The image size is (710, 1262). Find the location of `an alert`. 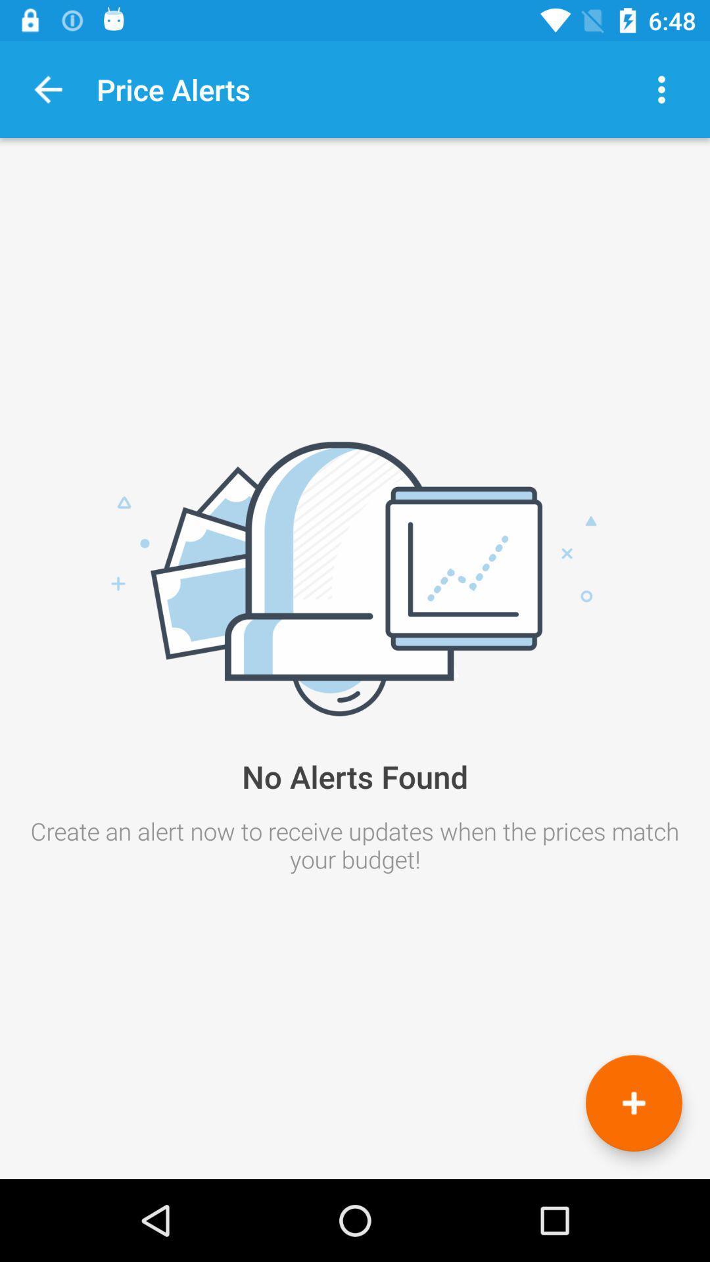

an alert is located at coordinates (633, 1103).